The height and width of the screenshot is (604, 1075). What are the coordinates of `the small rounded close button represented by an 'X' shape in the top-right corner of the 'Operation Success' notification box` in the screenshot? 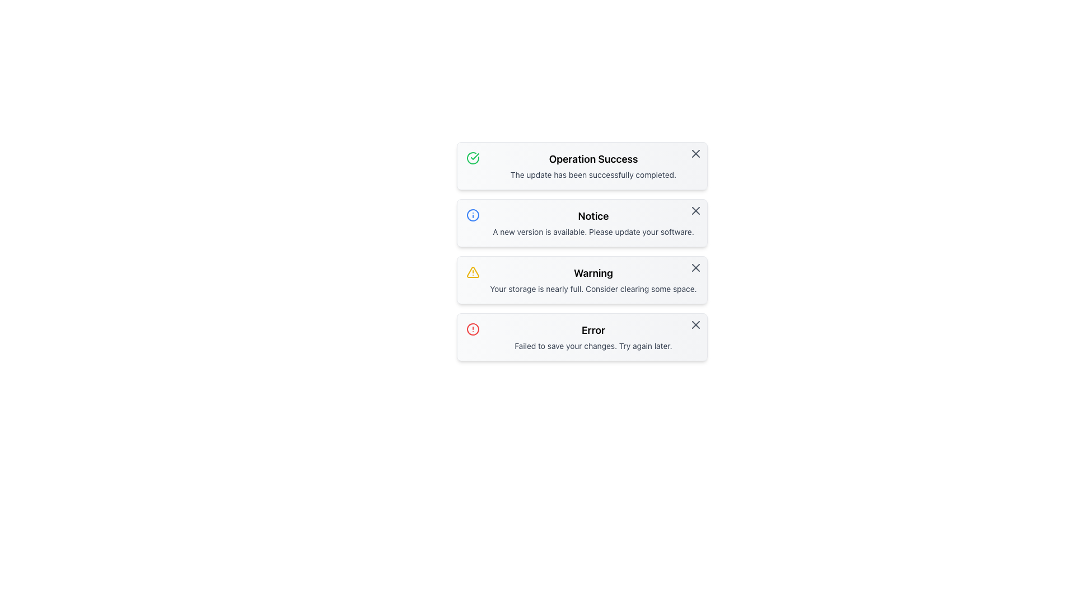 It's located at (695, 153).